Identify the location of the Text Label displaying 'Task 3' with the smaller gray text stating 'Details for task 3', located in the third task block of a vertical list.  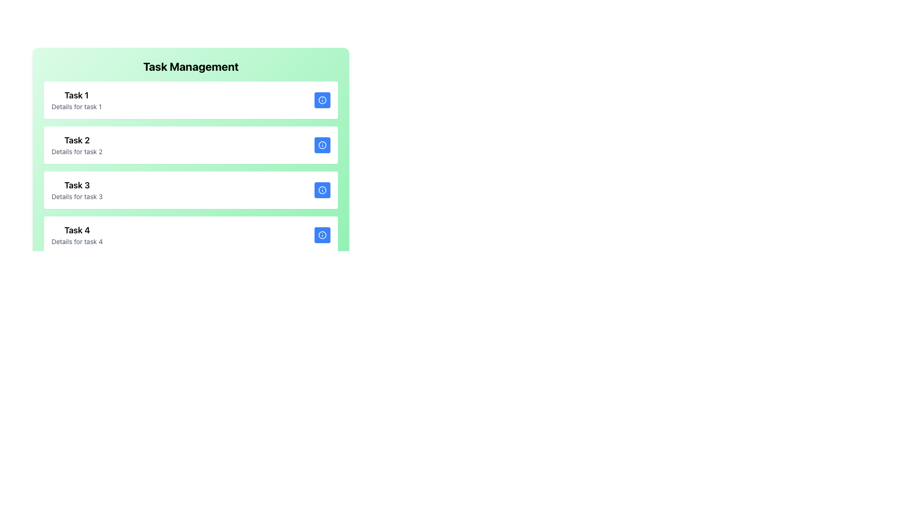
(77, 190).